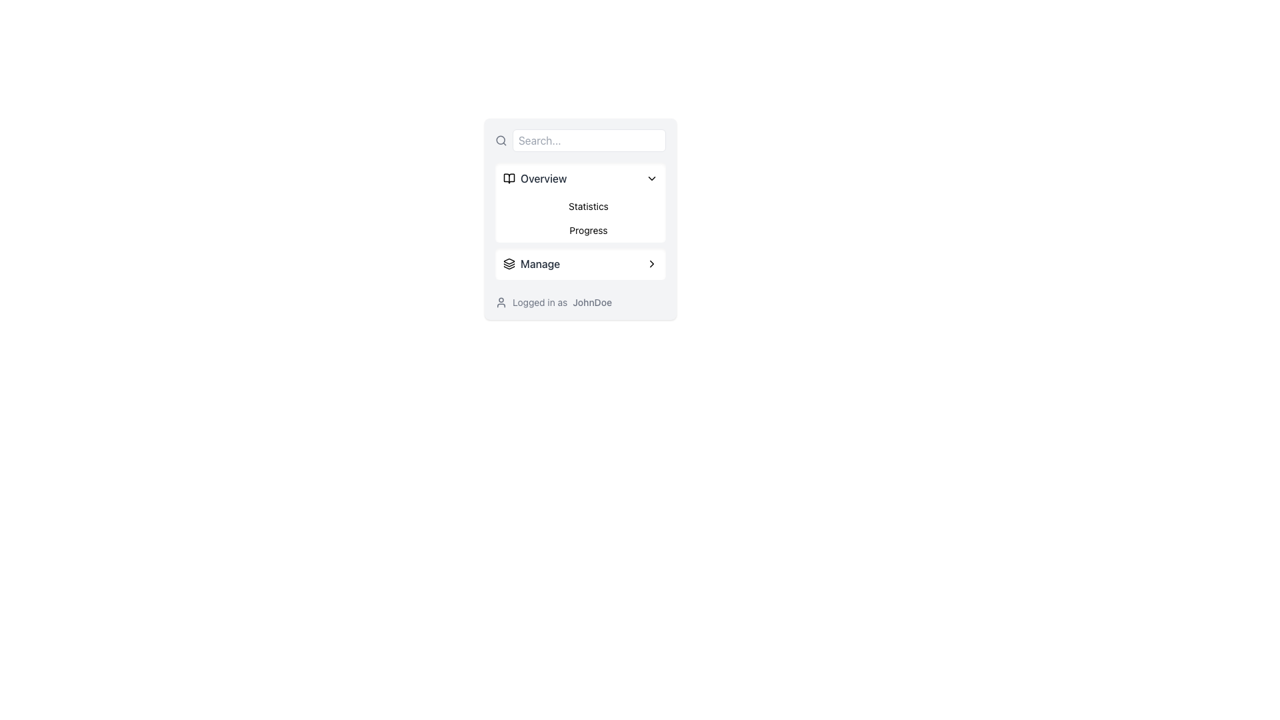  What do you see at coordinates (652, 177) in the screenshot?
I see `the downward-facing chevron icon indicator located in the 'Overview' section, adjacent to the text 'Overview'` at bounding box center [652, 177].